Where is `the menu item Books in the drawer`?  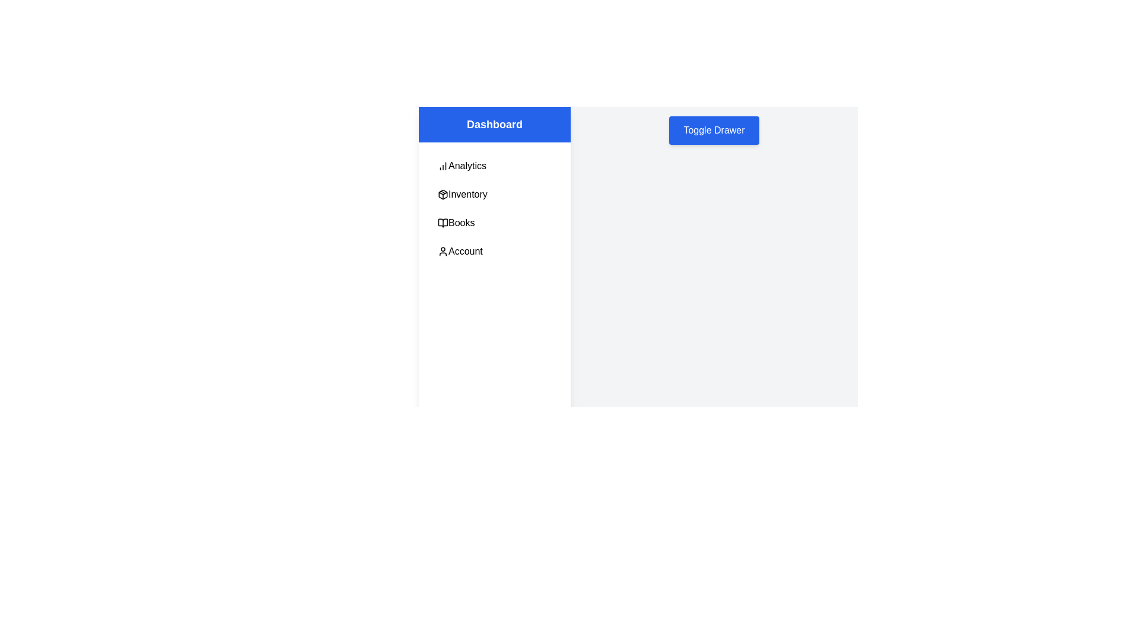 the menu item Books in the drawer is located at coordinates (495, 223).